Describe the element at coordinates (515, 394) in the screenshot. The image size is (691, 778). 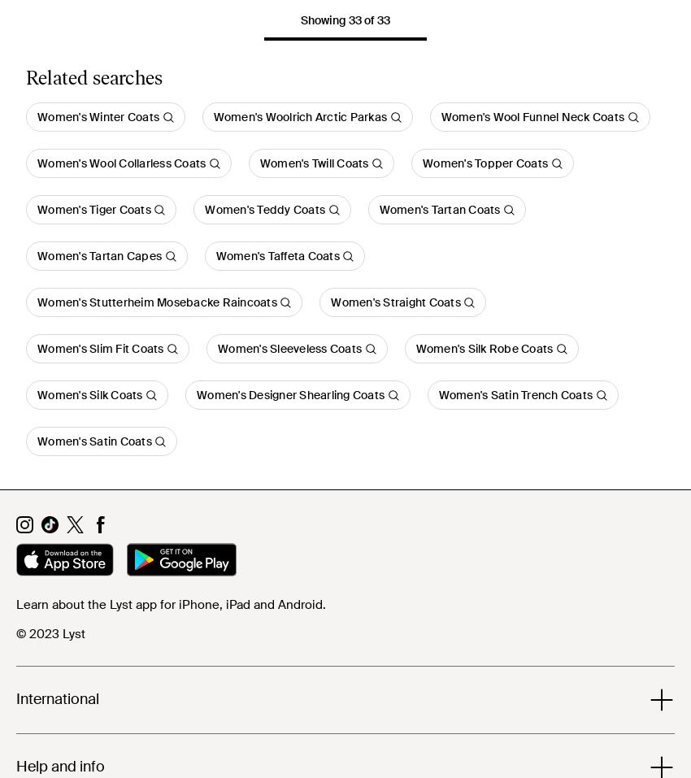
I see `'Women's Satin Trench Coats'` at that location.